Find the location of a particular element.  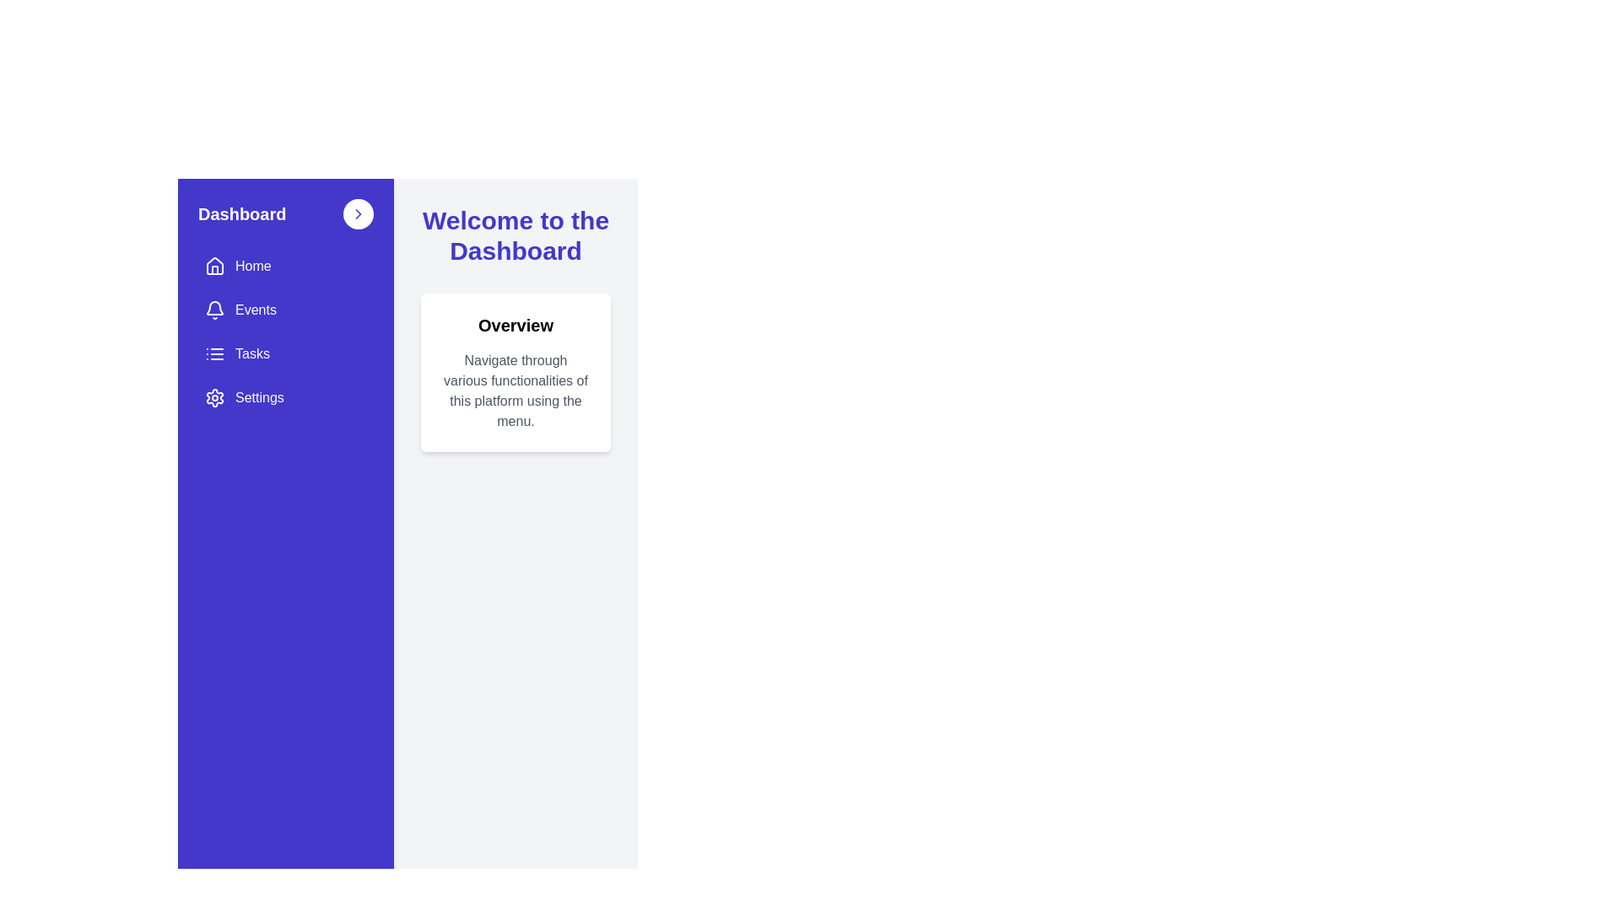

the 'Home' text label in the vertical navigation menu, styled with a bold white font on a purple background, located in the top-left corner under 'Dashboard.' is located at coordinates (252, 266).